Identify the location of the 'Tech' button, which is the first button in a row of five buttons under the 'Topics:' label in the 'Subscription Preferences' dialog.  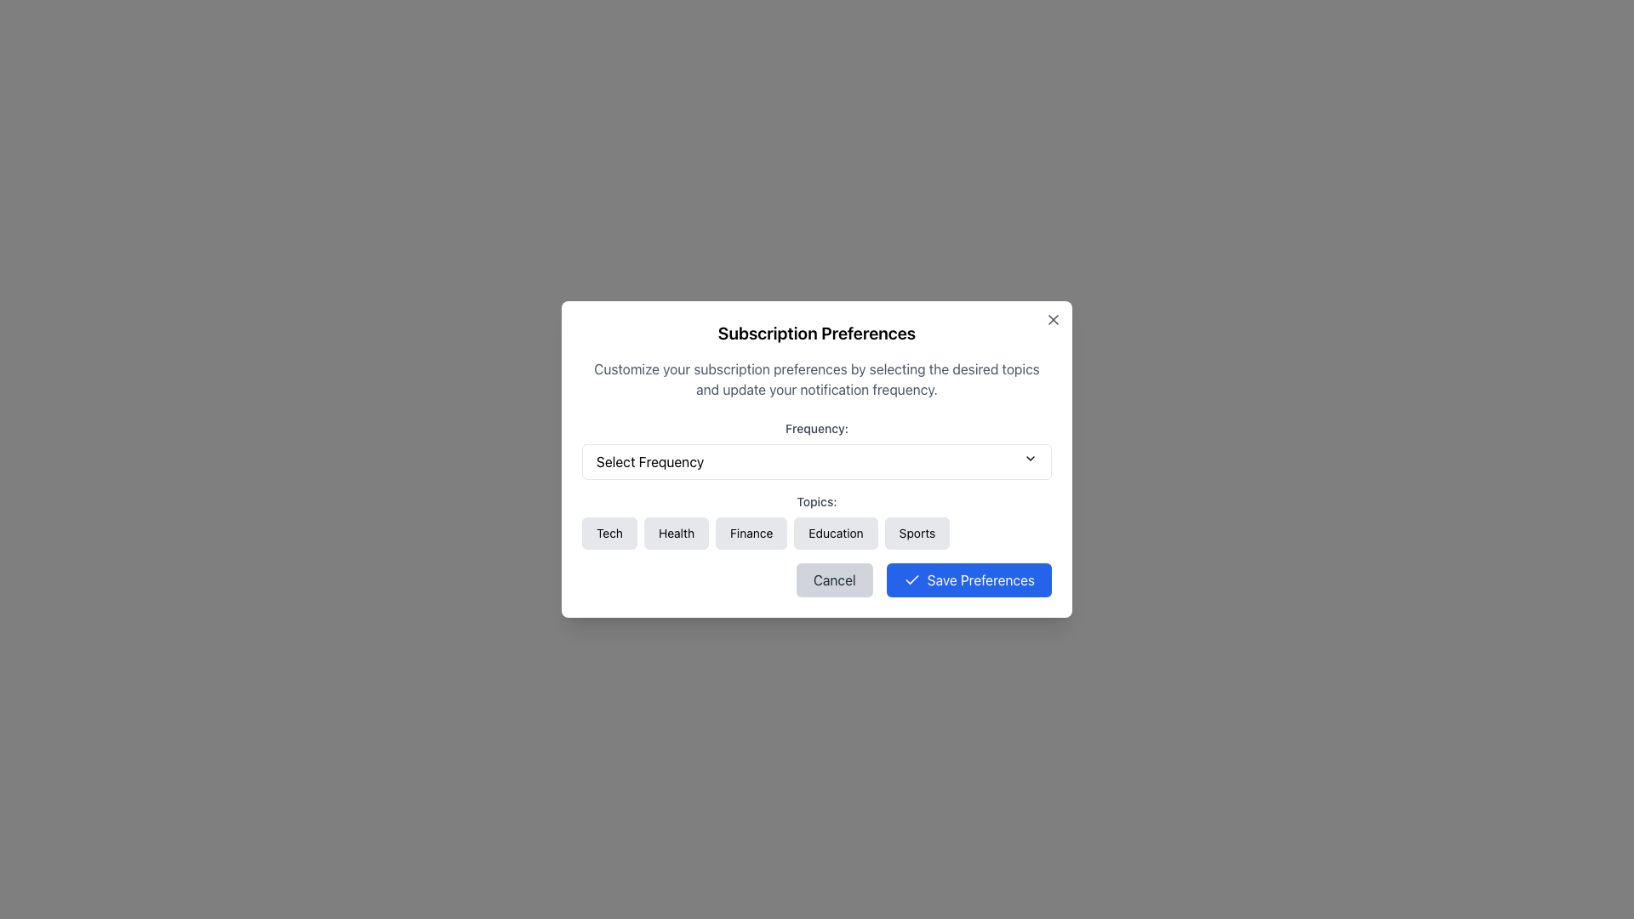
(609, 533).